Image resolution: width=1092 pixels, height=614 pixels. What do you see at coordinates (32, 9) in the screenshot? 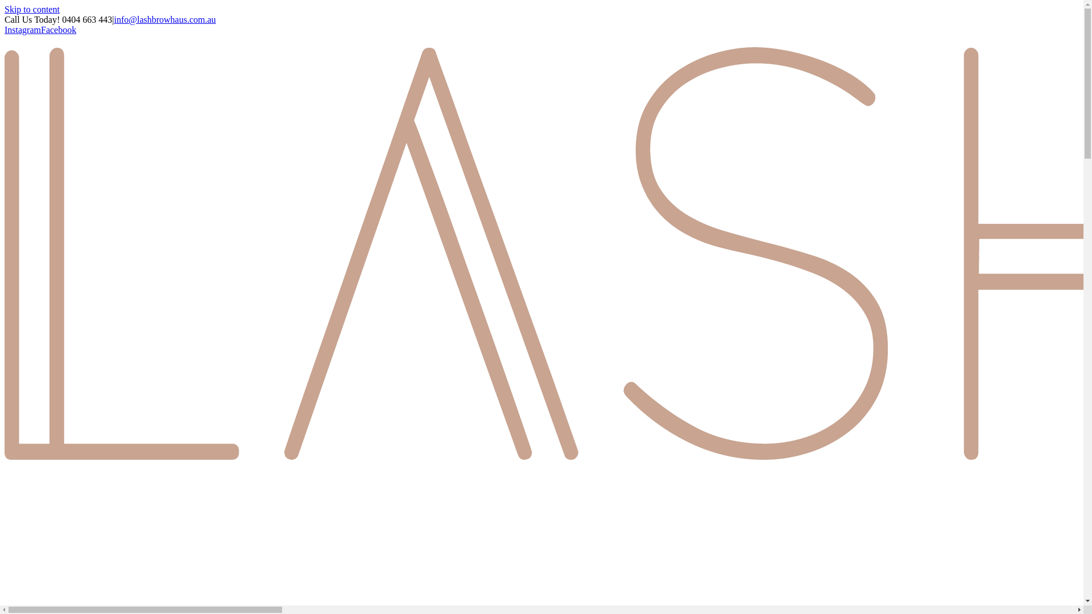
I see `'Skip to content'` at bounding box center [32, 9].